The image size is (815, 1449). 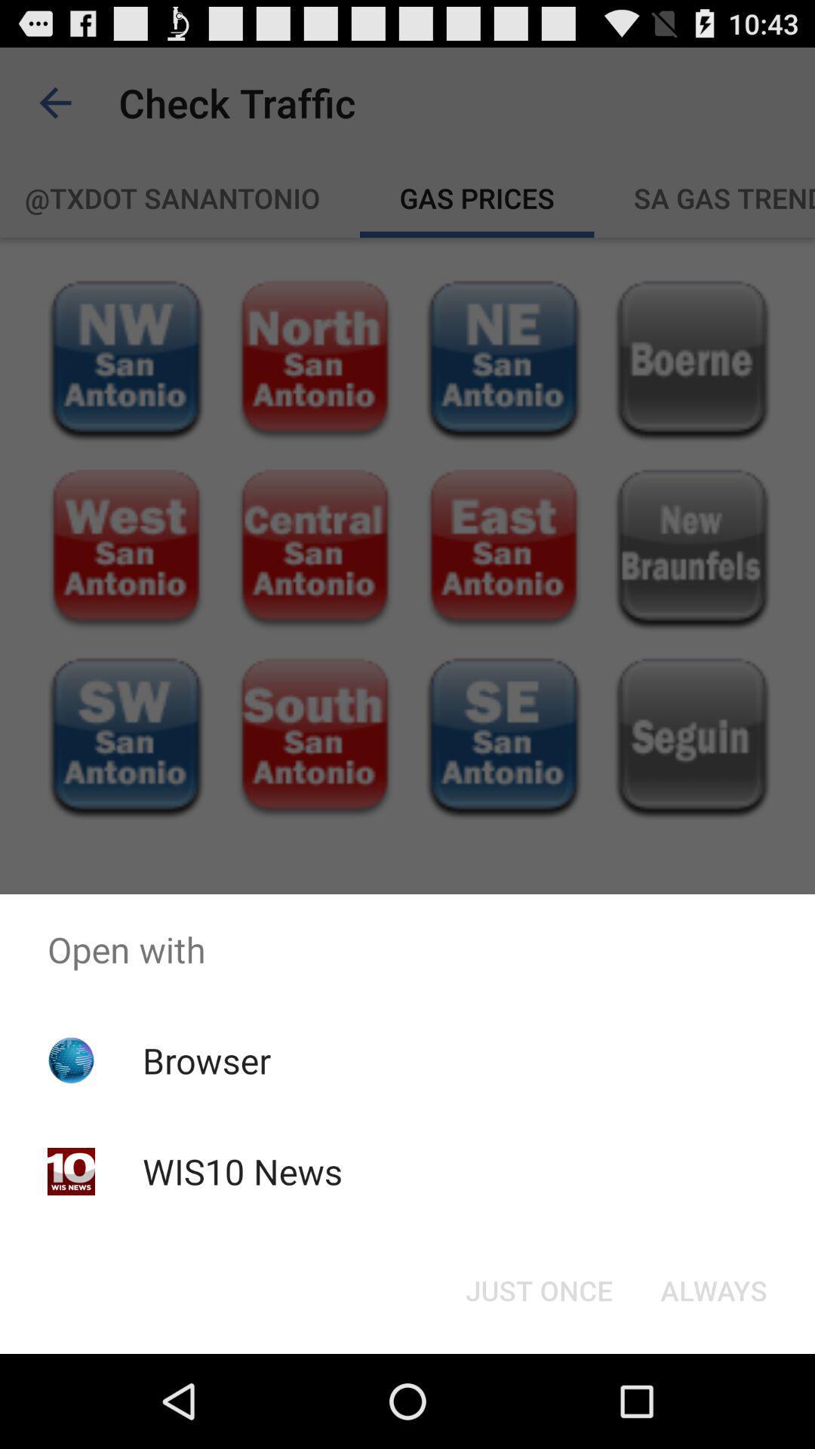 What do you see at coordinates (713, 1289) in the screenshot?
I see `icon at the bottom right corner` at bounding box center [713, 1289].